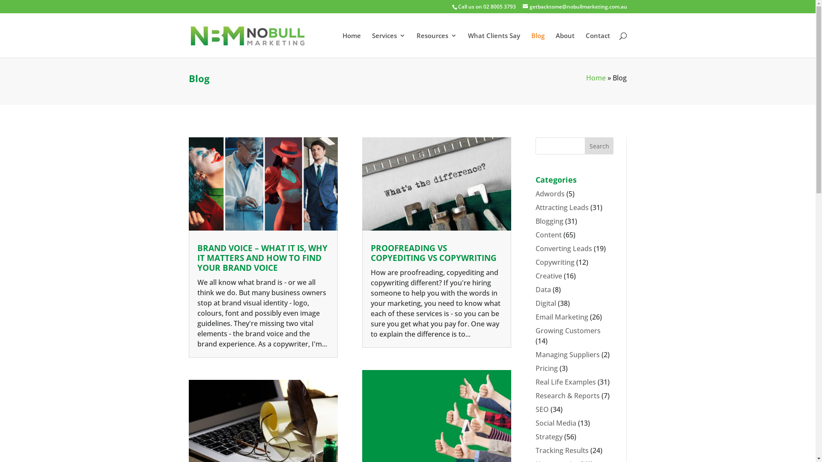 Image resolution: width=822 pixels, height=462 pixels. What do you see at coordinates (568, 330) in the screenshot?
I see `'Growing Customers'` at bounding box center [568, 330].